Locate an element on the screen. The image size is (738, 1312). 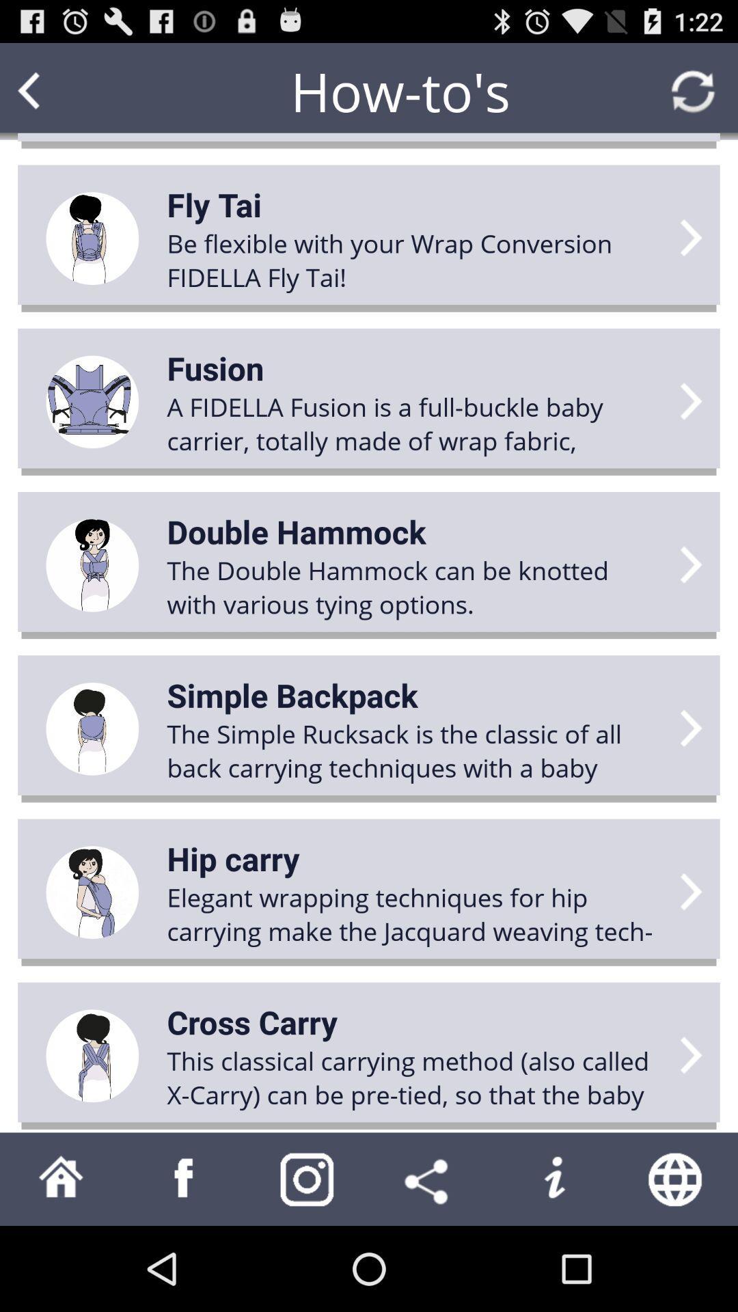
open information menu is located at coordinates (553, 1178).